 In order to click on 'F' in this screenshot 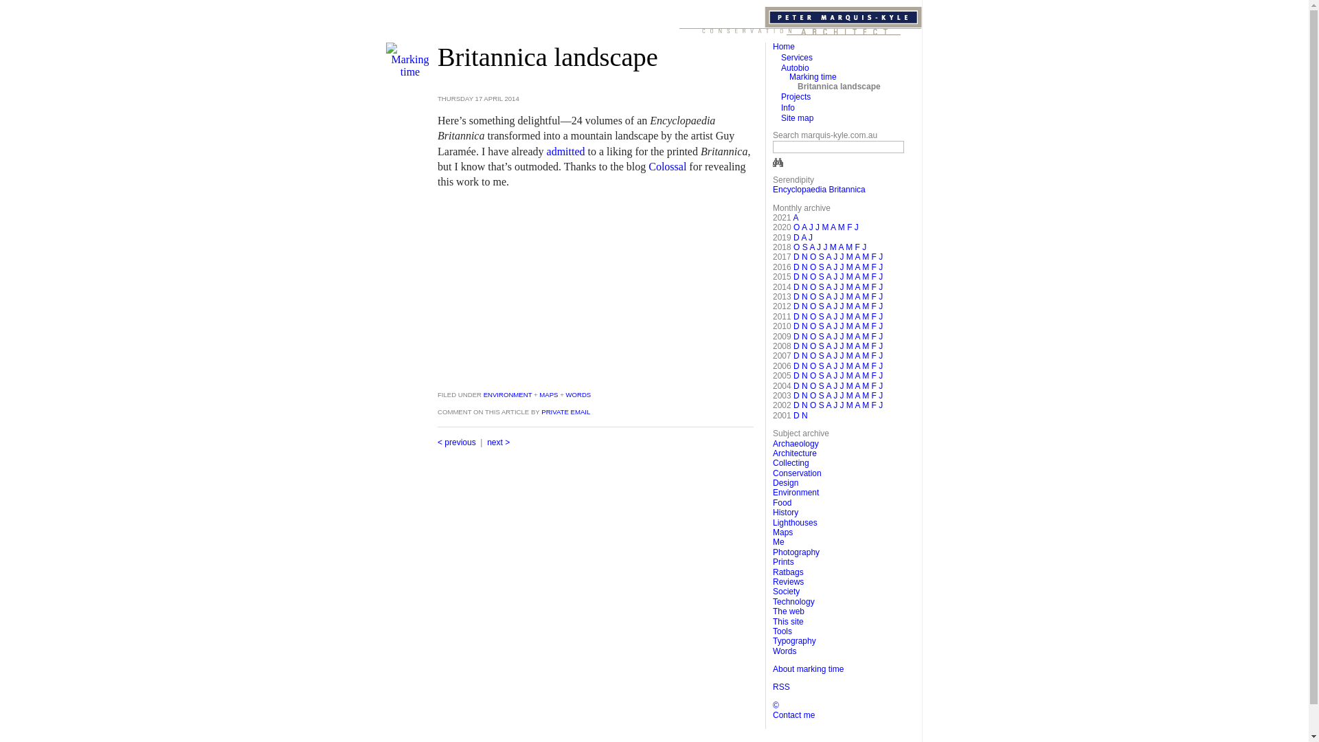, I will do `click(873, 257)`.